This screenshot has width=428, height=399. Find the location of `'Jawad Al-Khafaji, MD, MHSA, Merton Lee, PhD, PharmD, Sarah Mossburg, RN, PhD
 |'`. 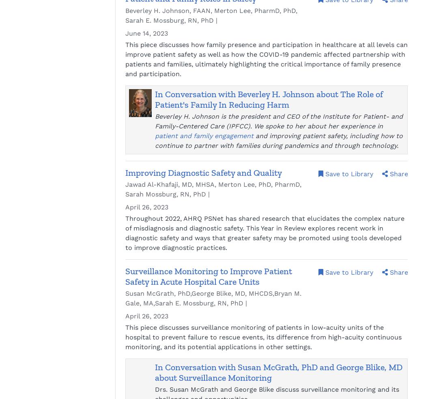

'Jawad Al-Khafaji, MD, MHSA, Merton Lee, PhD, PharmD, Sarah Mossburg, RN, PhD
 |' is located at coordinates (213, 188).